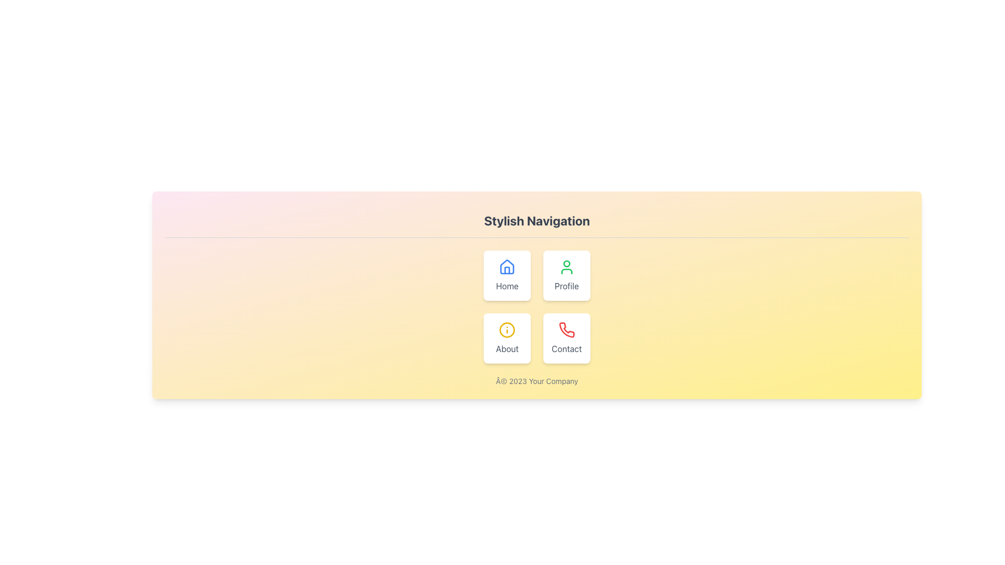  What do you see at coordinates (566, 349) in the screenshot?
I see `the text area of the 'Contact' button label` at bounding box center [566, 349].